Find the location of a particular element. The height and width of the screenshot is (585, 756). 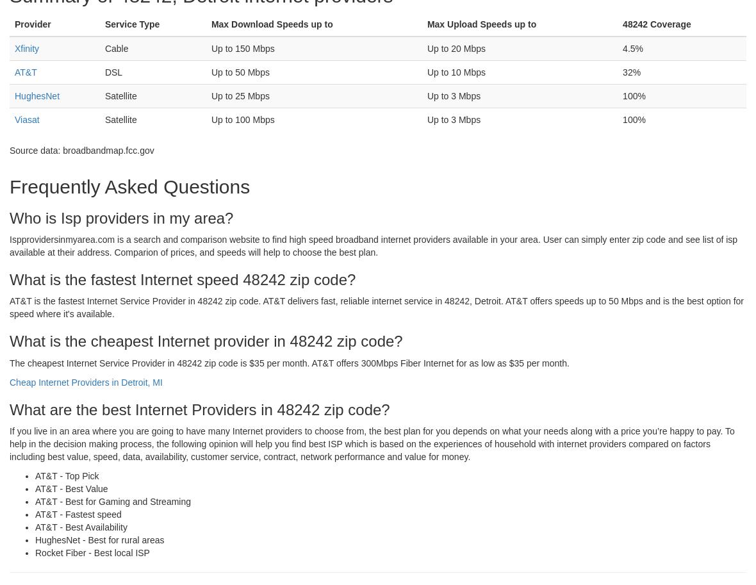

'4.5%' is located at coordinates (632, 47).